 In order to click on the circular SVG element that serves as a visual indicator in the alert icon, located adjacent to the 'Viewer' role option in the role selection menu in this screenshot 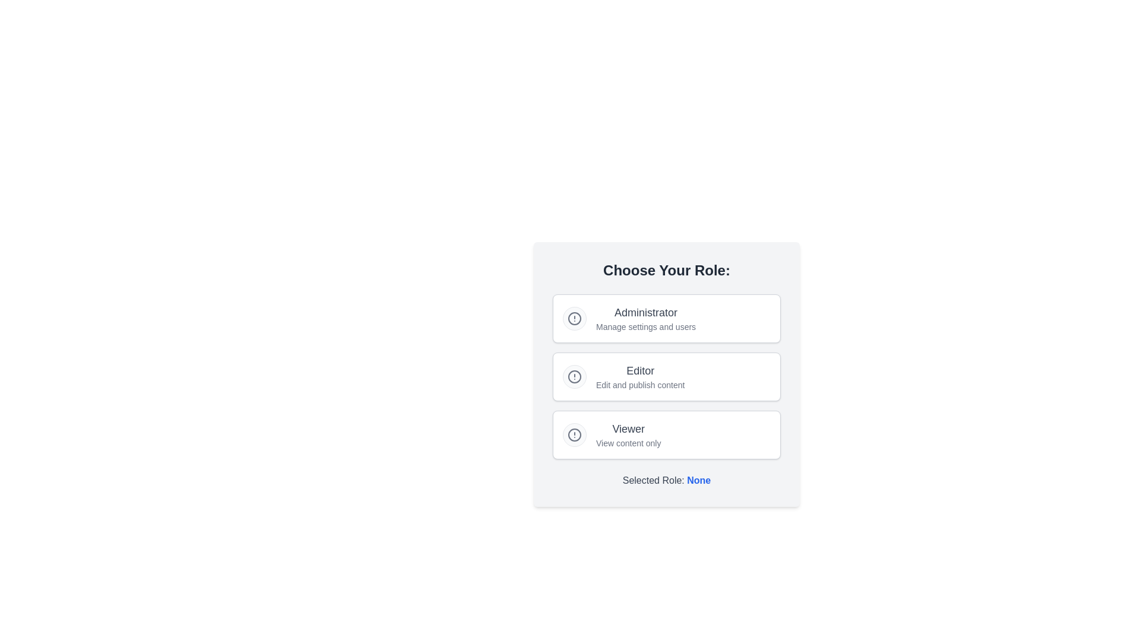, I will do `click(575, 434)`.